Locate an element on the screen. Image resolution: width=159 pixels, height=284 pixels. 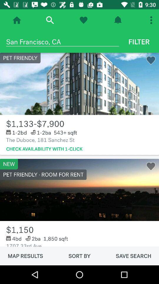
tap on it if you love the place is located at coordinates (83, 20).